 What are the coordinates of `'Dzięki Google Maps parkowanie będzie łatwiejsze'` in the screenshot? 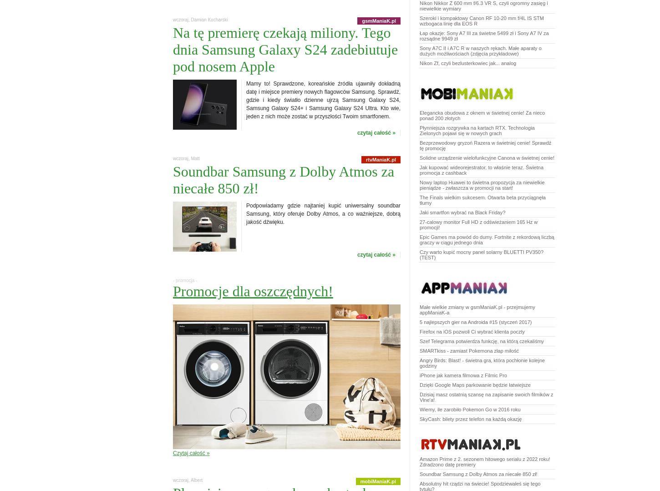 It's located at (475, 385).